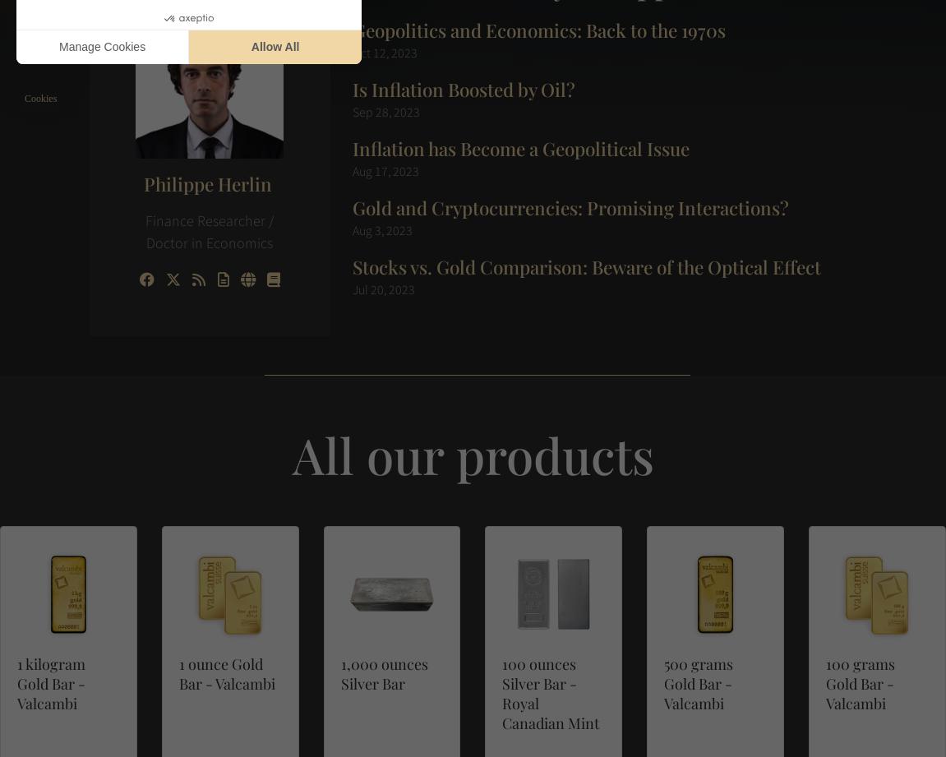  Describe the element at coordinates (351, 112) in the screenshot. I see `'Sep 28, 2023'` at that location.